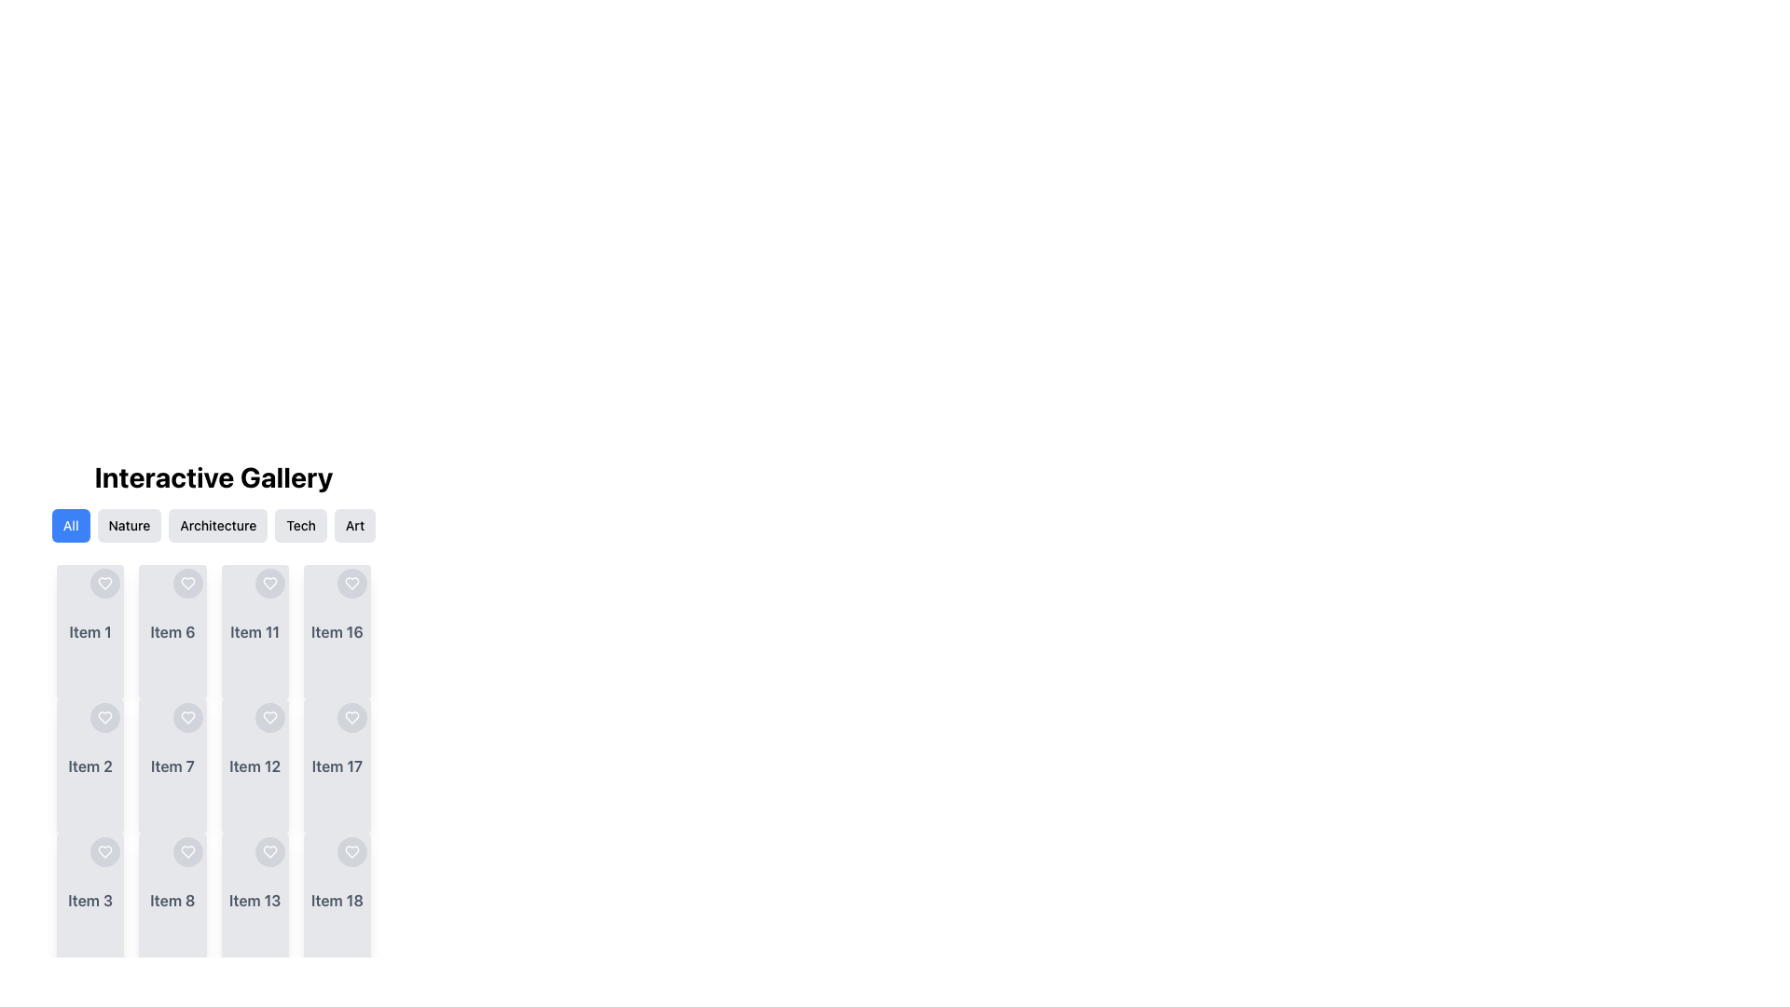 This screenshot has width=1790, height=1007. Describe the element at coordinates (337, 766) in the screenshot. I see `the rectangular card with a light grey background displaying 'Item 17' below a heart icon, located in the bottom right corner of a 4-column grid` at that location.